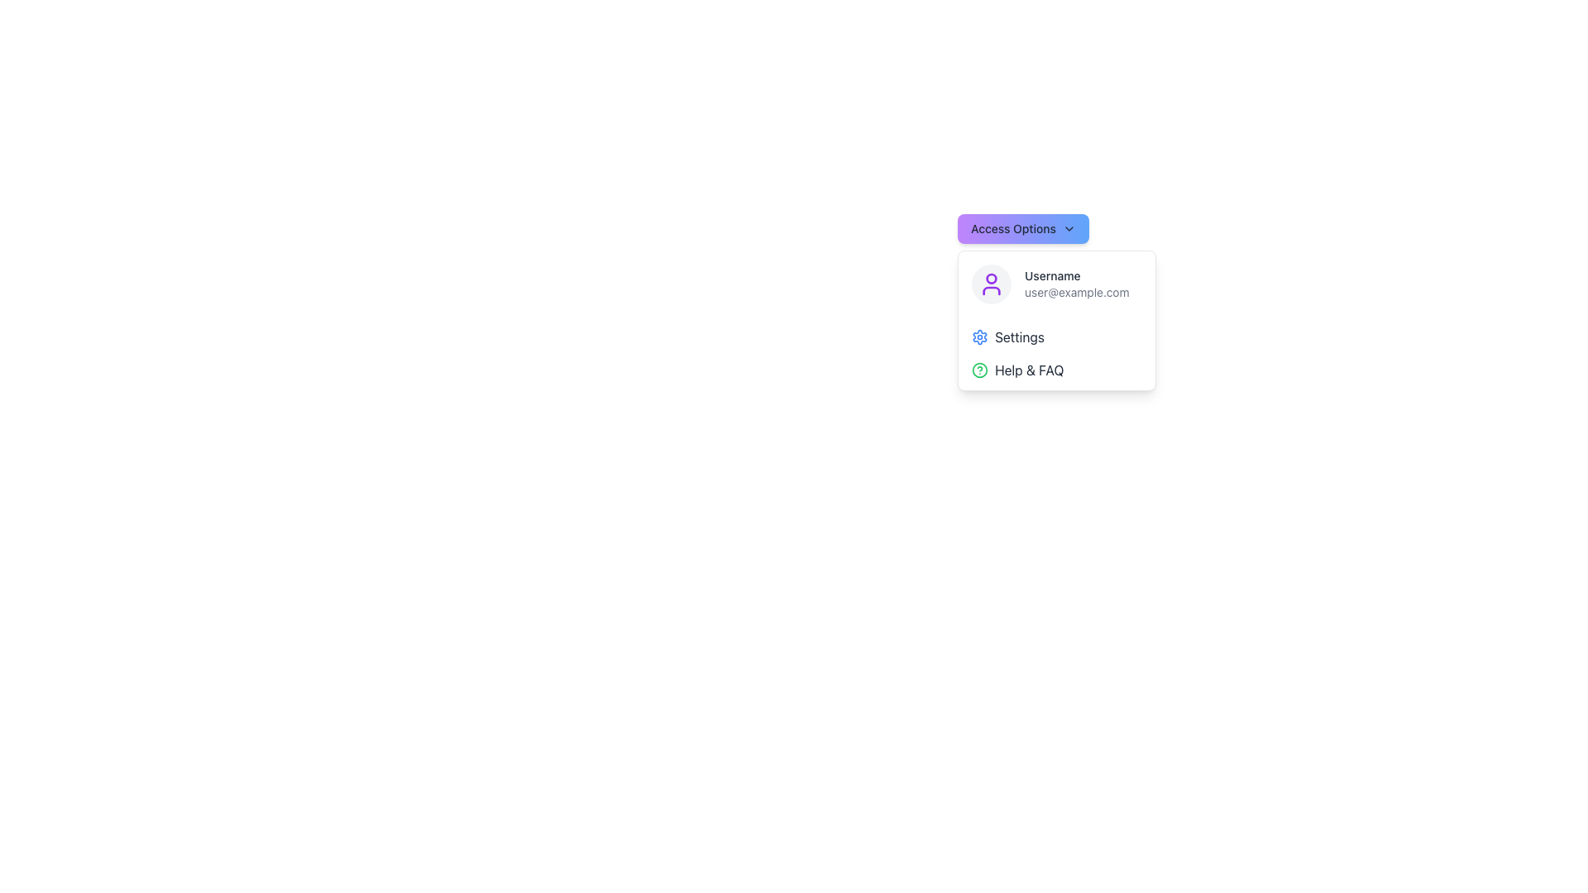  I want to click on the SVG Circle Element that represents the user's profile or avatar located next to the 'Username' label in the user menu panel on the right side of the interface, so click(992, 278).